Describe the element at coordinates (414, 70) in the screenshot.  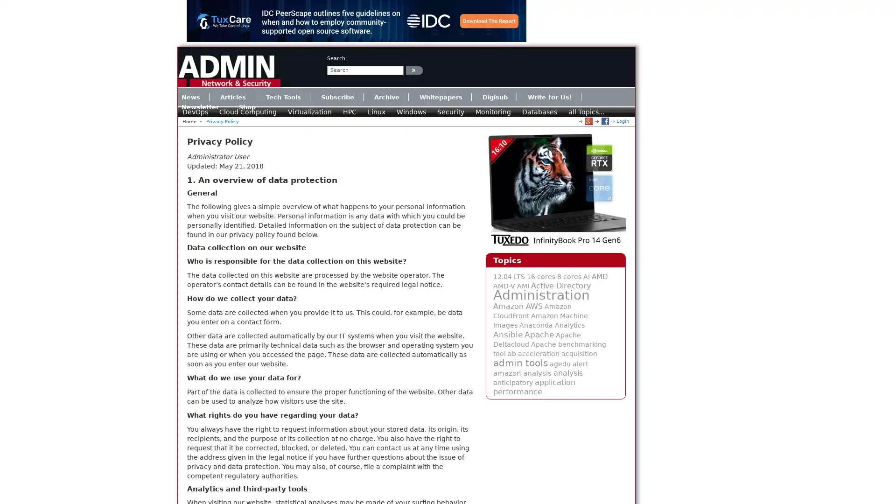
I see `search:` at that location.